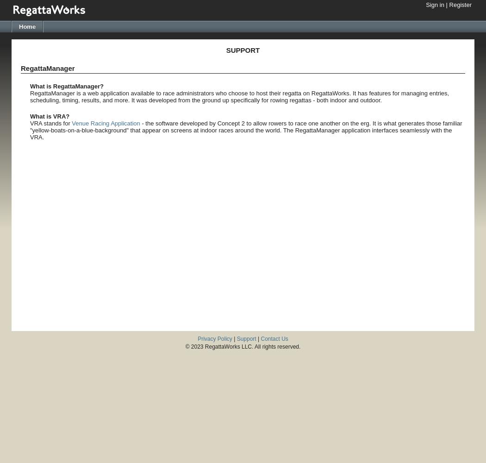  What do you see at coordinates (106, 123) in the screenshot?
I see `'Venue Racing Application'` at bounding box center [106, 123].